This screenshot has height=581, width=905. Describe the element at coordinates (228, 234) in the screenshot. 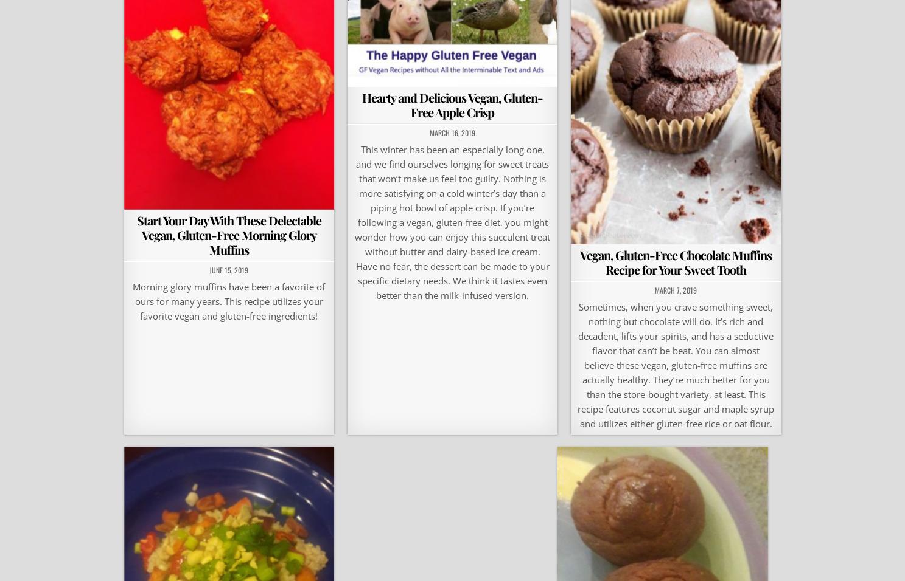

I see `'Start Your Day With These Delectable Vegan, Gluten-Free Morning Glory Muffins'` at that location.